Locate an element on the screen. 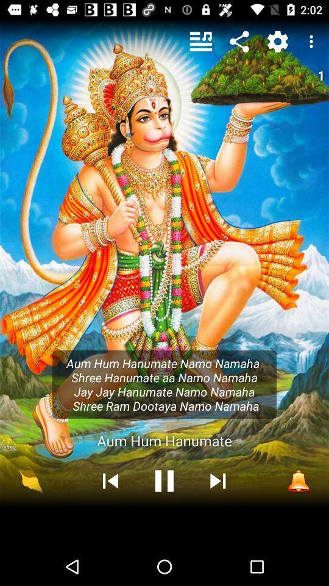 The width and height of the screenshot is (329, 586). share icon is located at coordinates (239, 42).